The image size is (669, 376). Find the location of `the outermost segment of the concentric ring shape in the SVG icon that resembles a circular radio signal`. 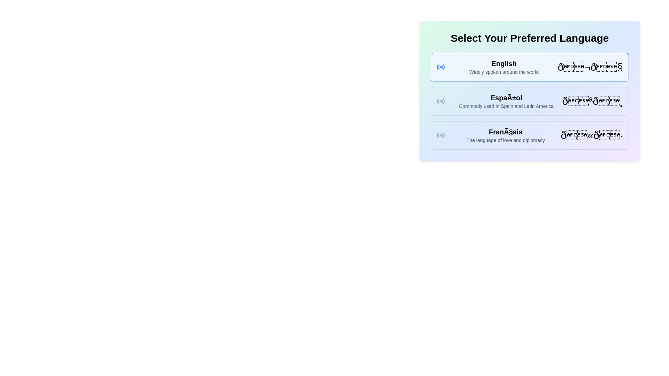

the outermost segment of the concentric ring shape in the SVG icon that resembles a circular radio signal is located at coordinates (443, 101).